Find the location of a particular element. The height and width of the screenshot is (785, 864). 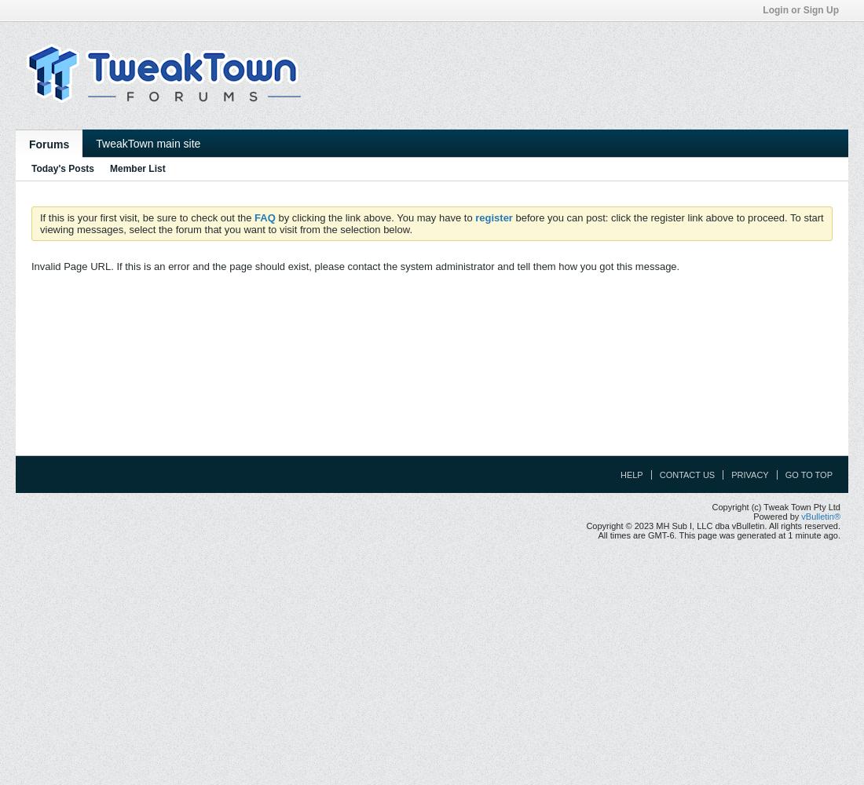

'Go to top' is located at coordinates (807, 474).